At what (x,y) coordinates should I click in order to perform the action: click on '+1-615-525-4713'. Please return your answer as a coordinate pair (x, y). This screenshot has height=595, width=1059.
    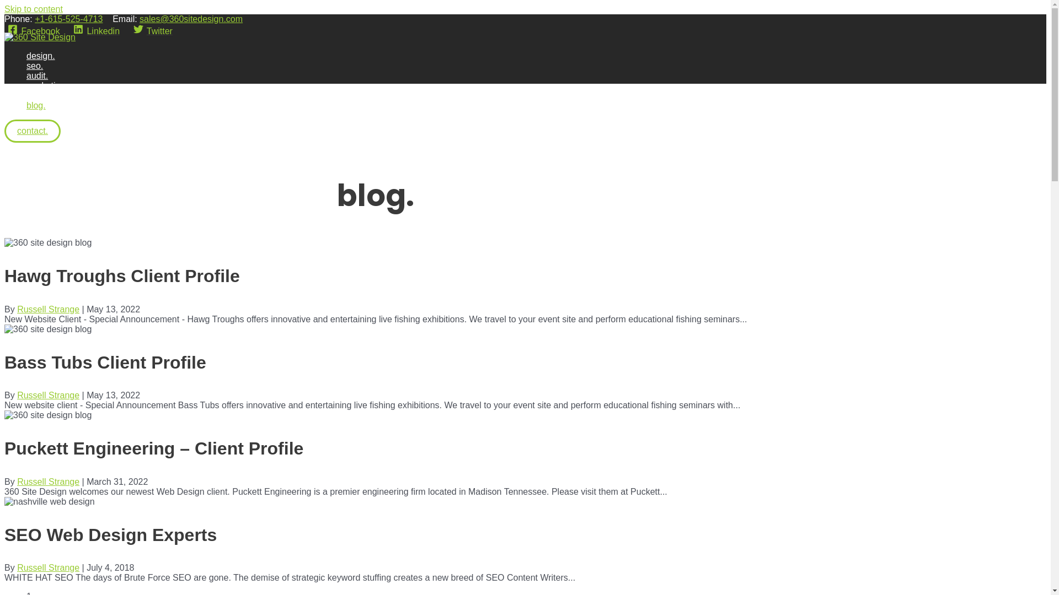
    Looking at the image, I should click on (68, 19).